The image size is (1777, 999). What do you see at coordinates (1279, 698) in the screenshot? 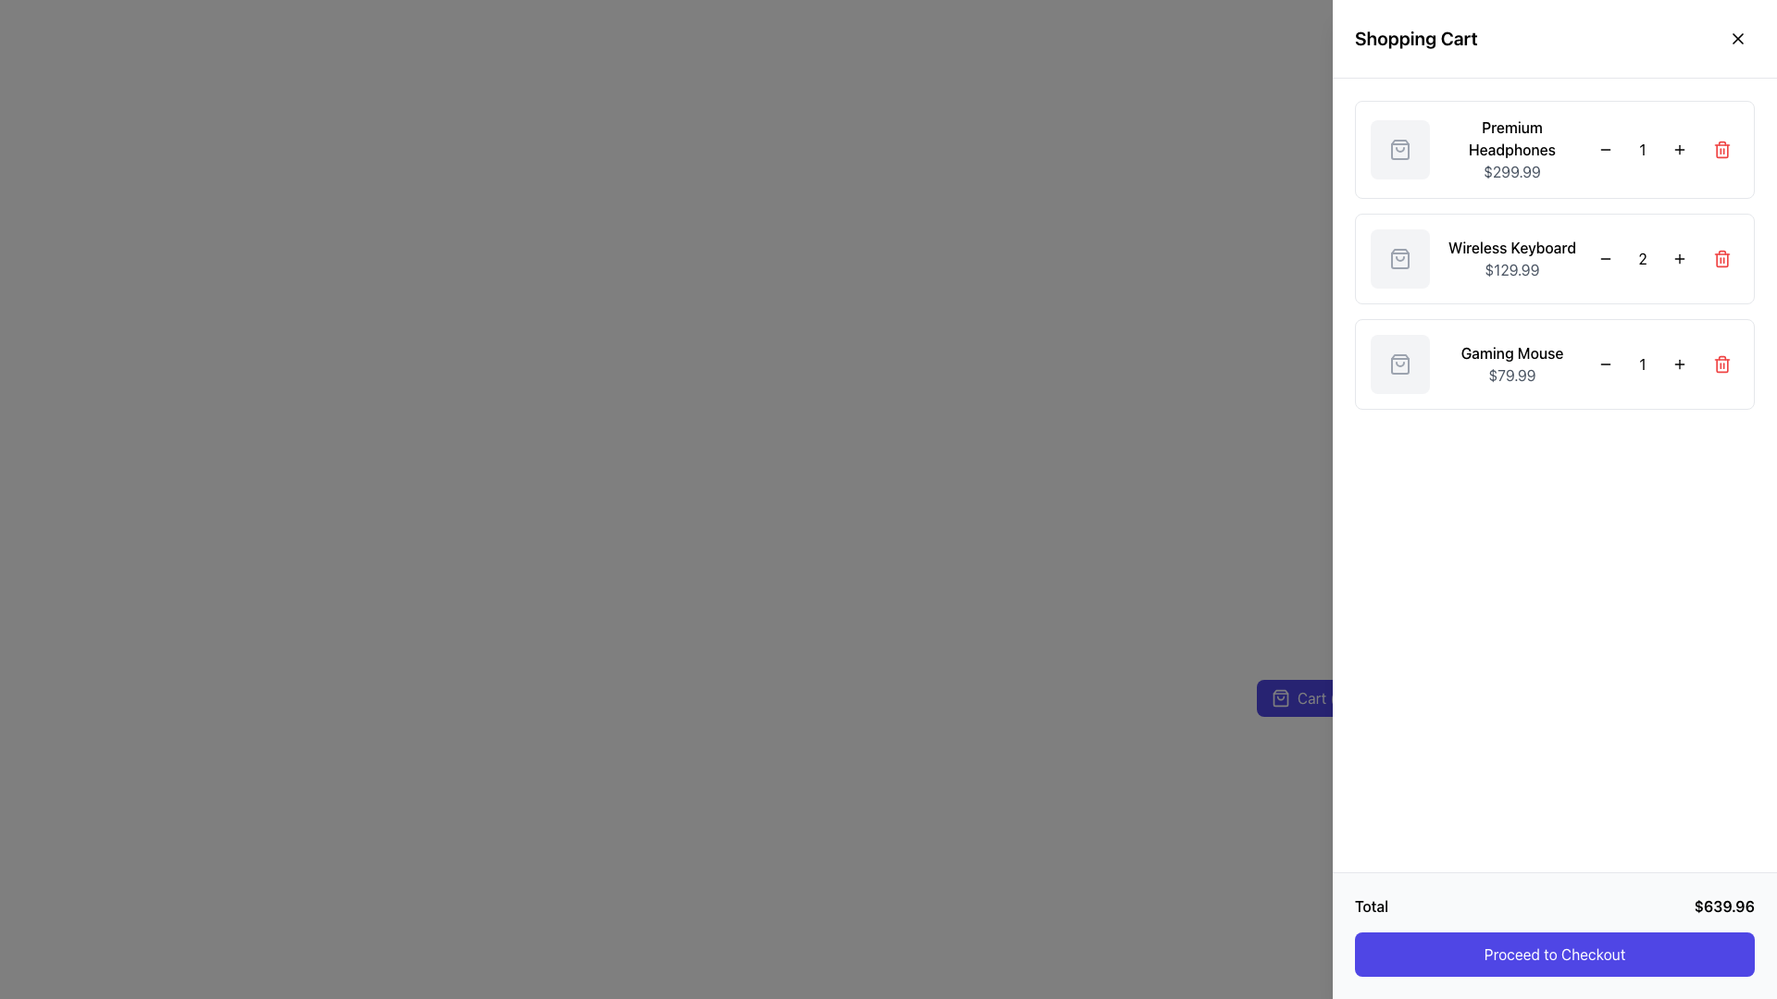
I see `the shopping bag icon located at the bottom-left corner of the shopping cart sidebar` at bounding box center [1279, 698].